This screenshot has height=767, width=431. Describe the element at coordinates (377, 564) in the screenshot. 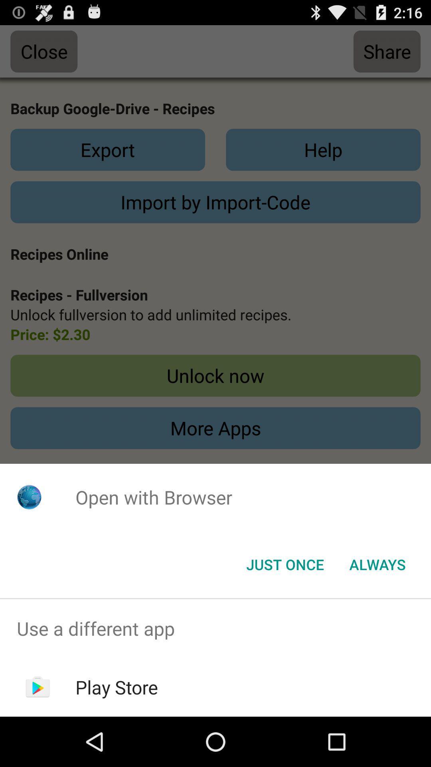

I see `the always` at that location.